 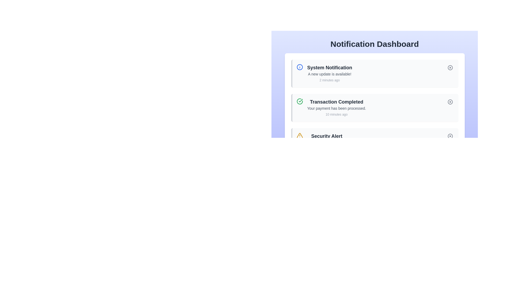 What do you see at coordinates (301, 100) in the screenshot?
I see `the circular checkmark icon that indicates the successful completion of the transaction in the Notification Dashboard, positioned to the left of the 'Transaction Completed' text` at bounding box center [301, 100].